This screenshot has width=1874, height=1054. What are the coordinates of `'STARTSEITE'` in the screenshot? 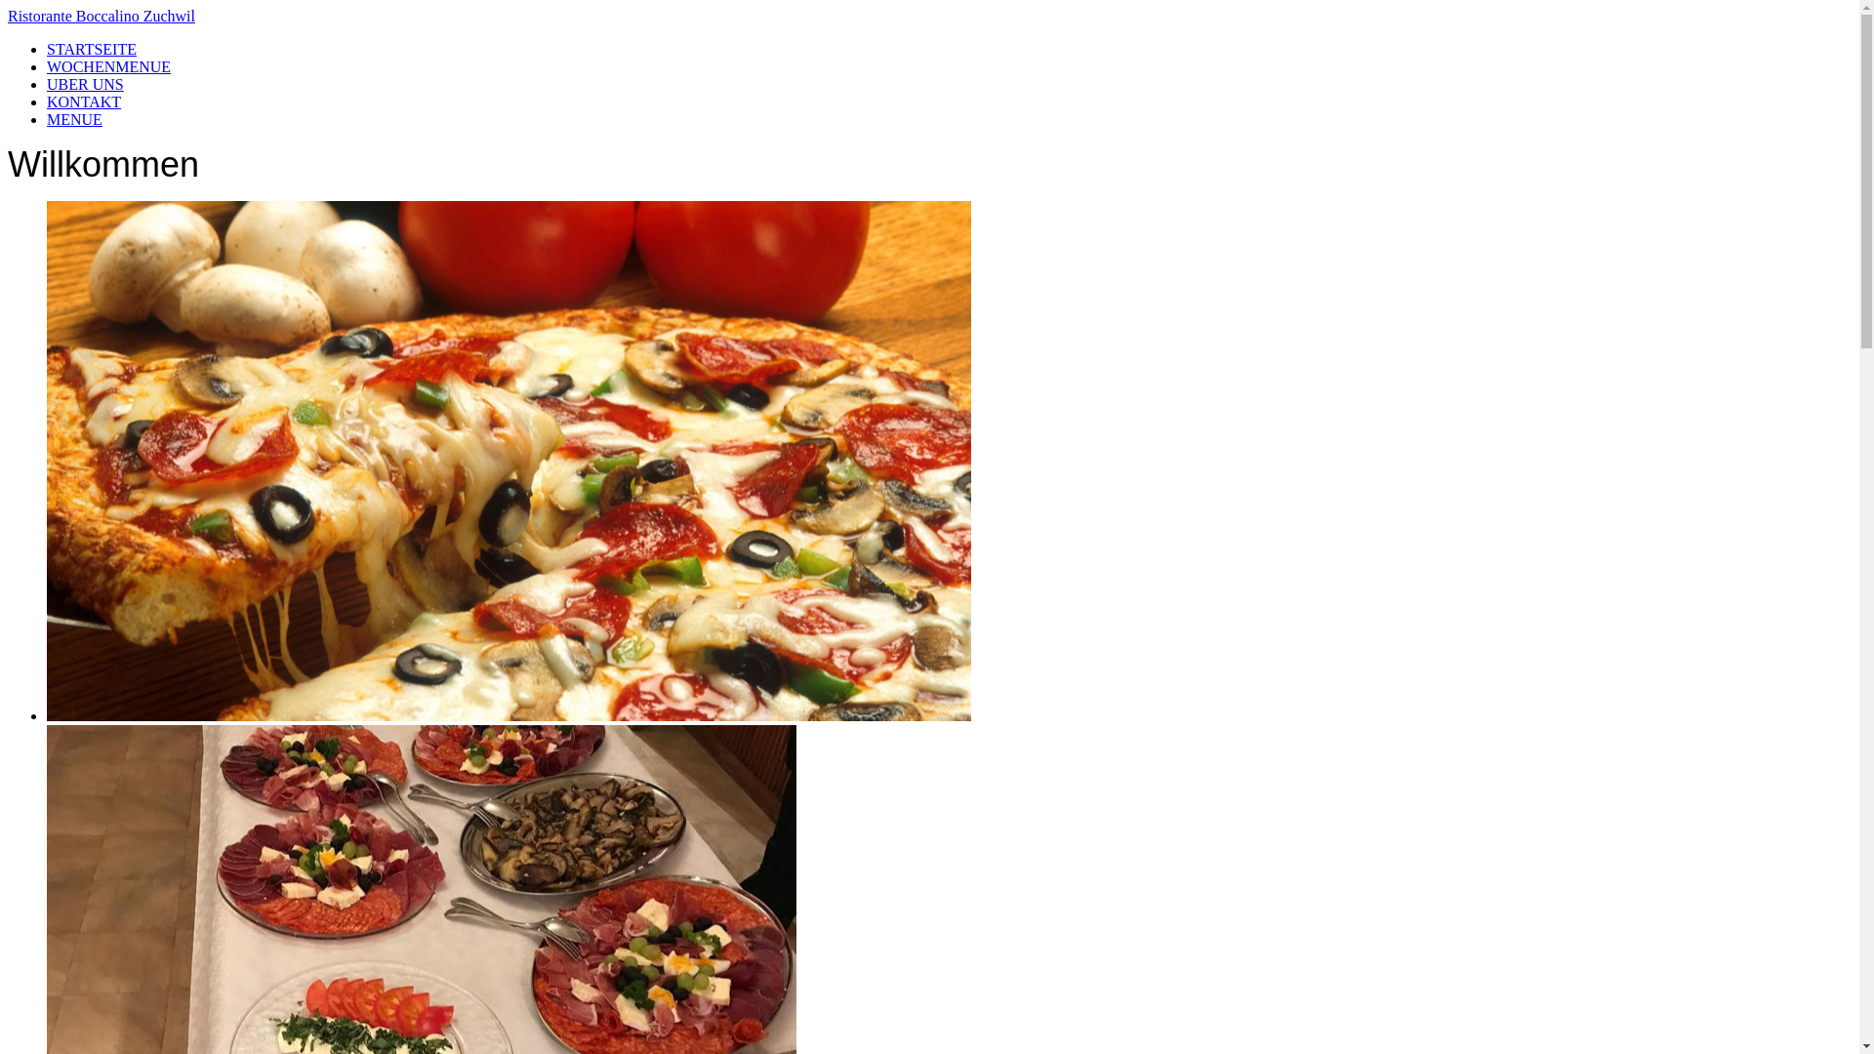 It's located at (91, 48).